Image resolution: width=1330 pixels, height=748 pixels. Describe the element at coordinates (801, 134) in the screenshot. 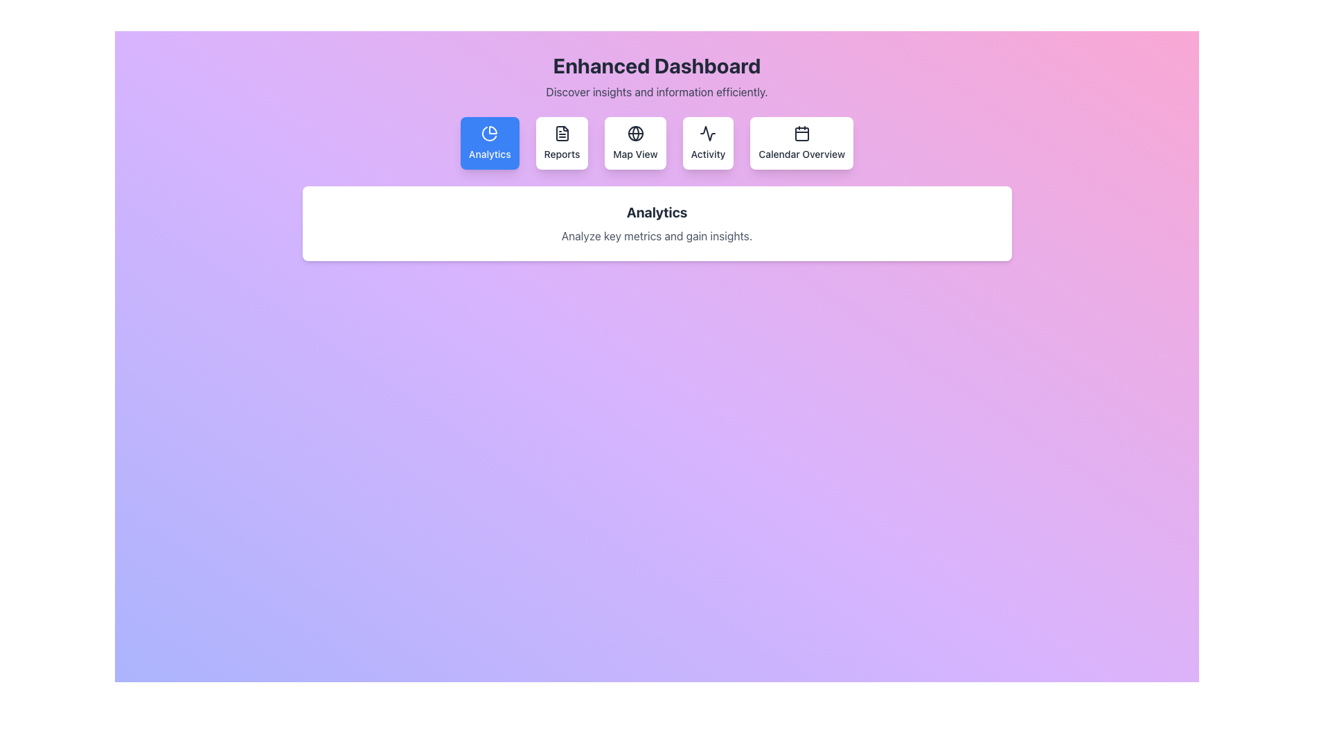

I see `the Calendar Overview icon located in the top-right section of the feature navigation panel` at that location.